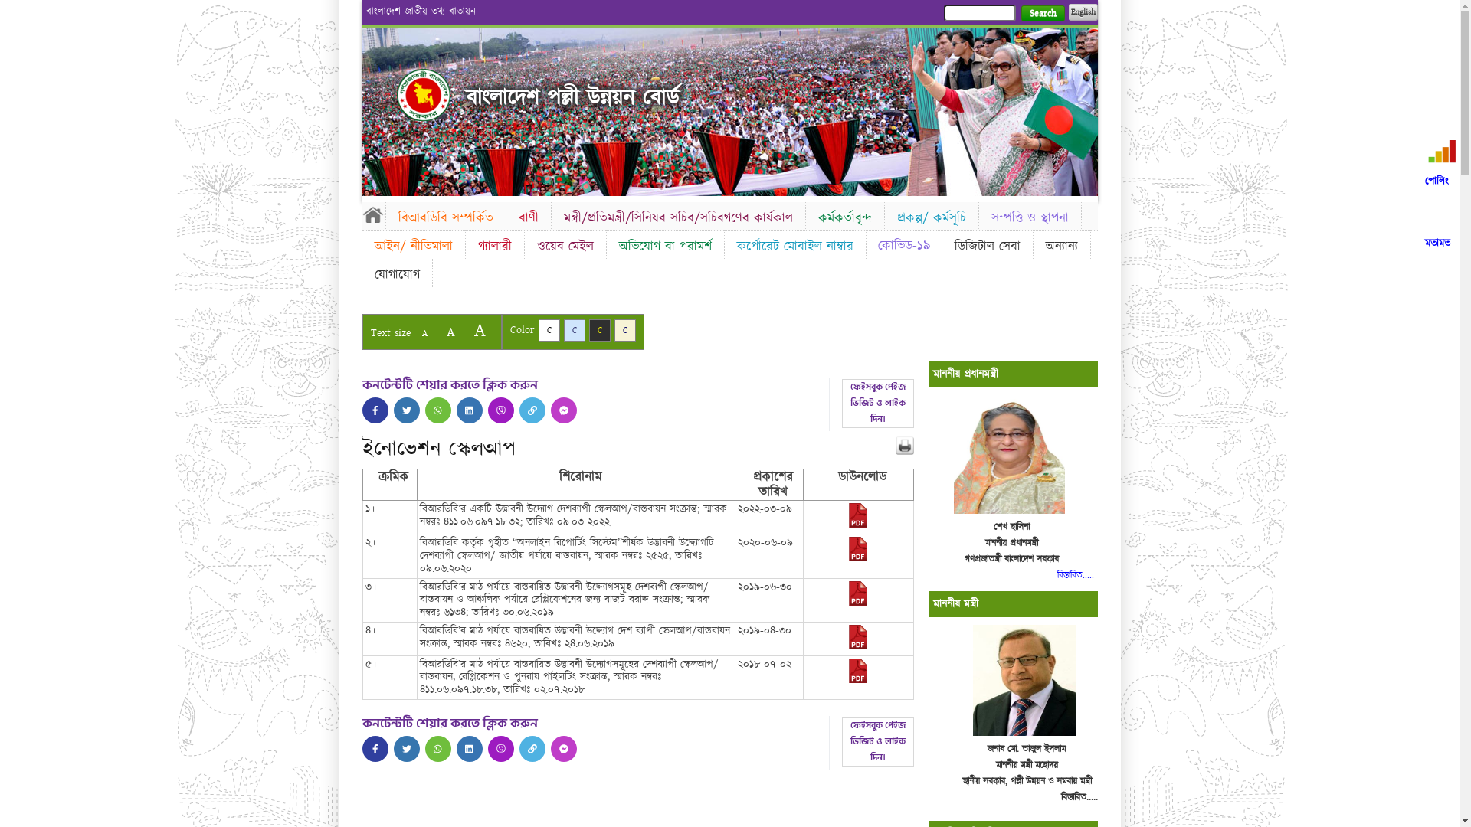  I want to click on 'C', so click(537, 329).